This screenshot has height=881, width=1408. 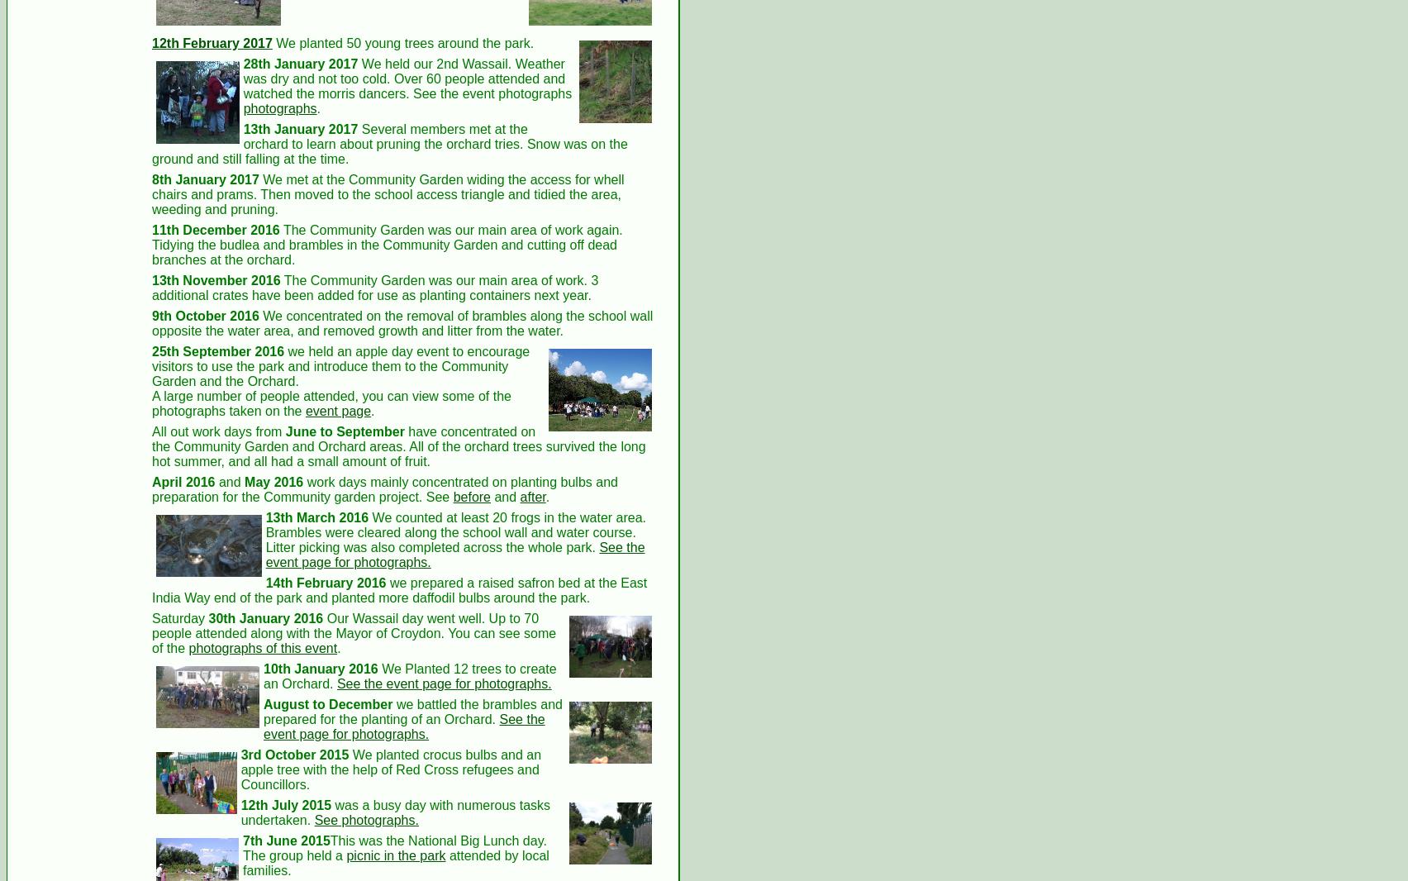 I want to click on '8th January 2017', so click(x=152, y=178).